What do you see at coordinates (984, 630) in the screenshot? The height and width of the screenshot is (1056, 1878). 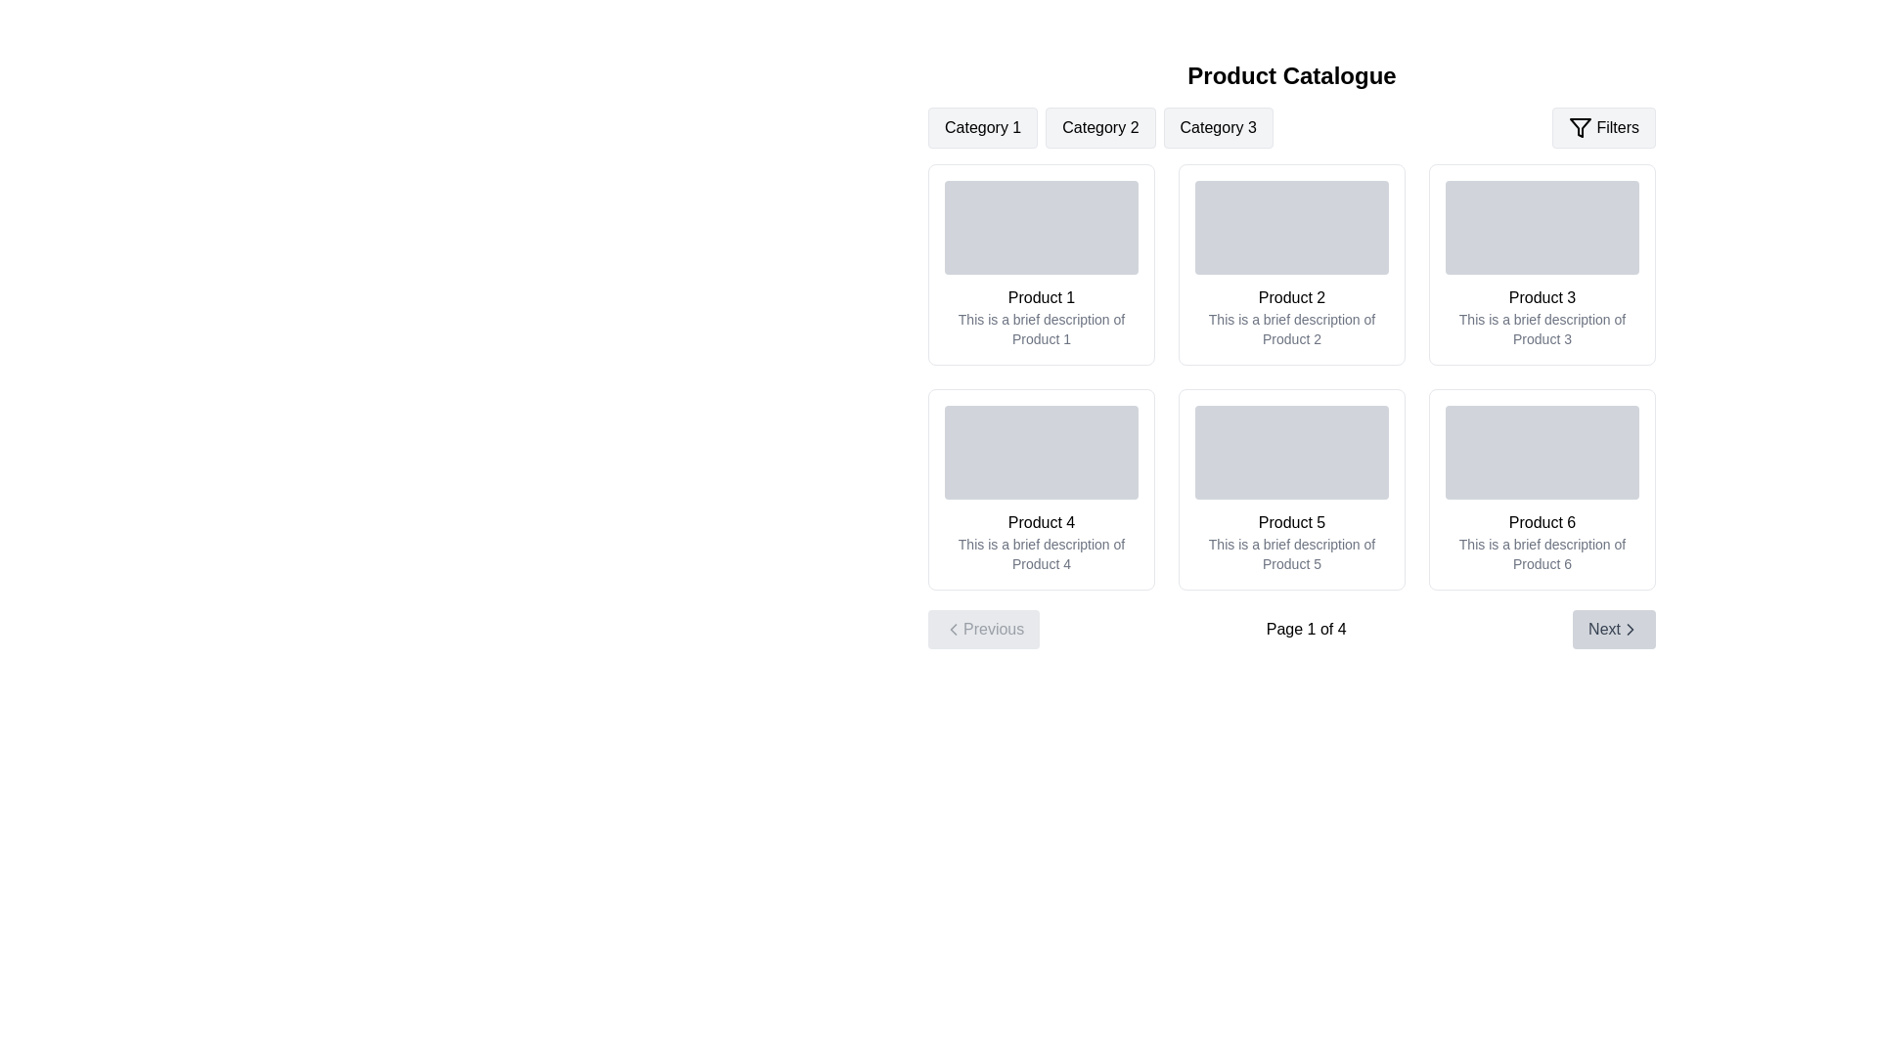 I see `the 'Previous' button with a light gray background and rounded corners` at bounding box center [984, 630].